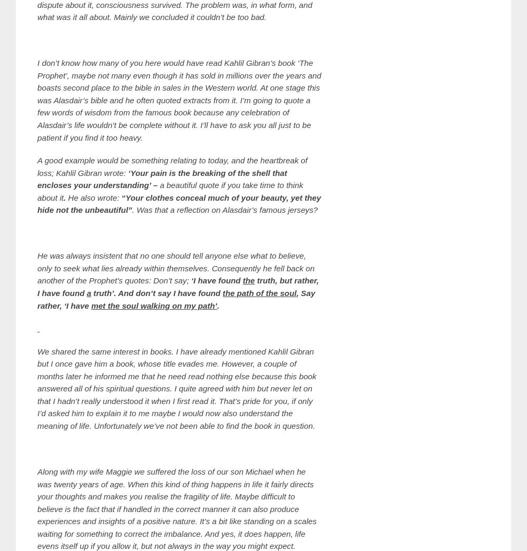 The height and width of the screenshot is (551, 527). What do you see at coordinates (37, 298) in the screenshot?
I see `', Say rather, ‘I have'` at bounding box center [37, 298].